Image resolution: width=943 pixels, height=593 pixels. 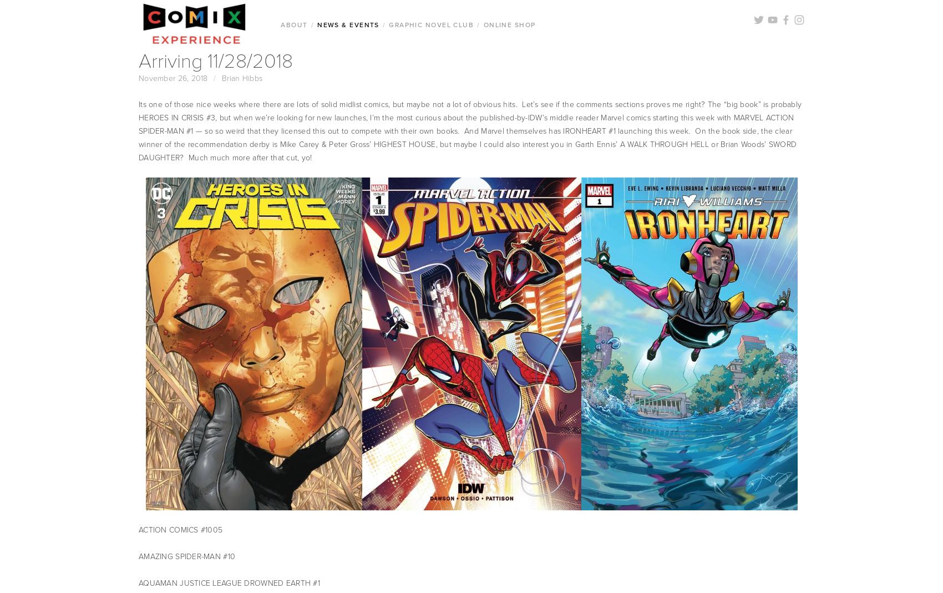 I want to click on 'ACTION COMICS #1005', so click(x=180, y=529).